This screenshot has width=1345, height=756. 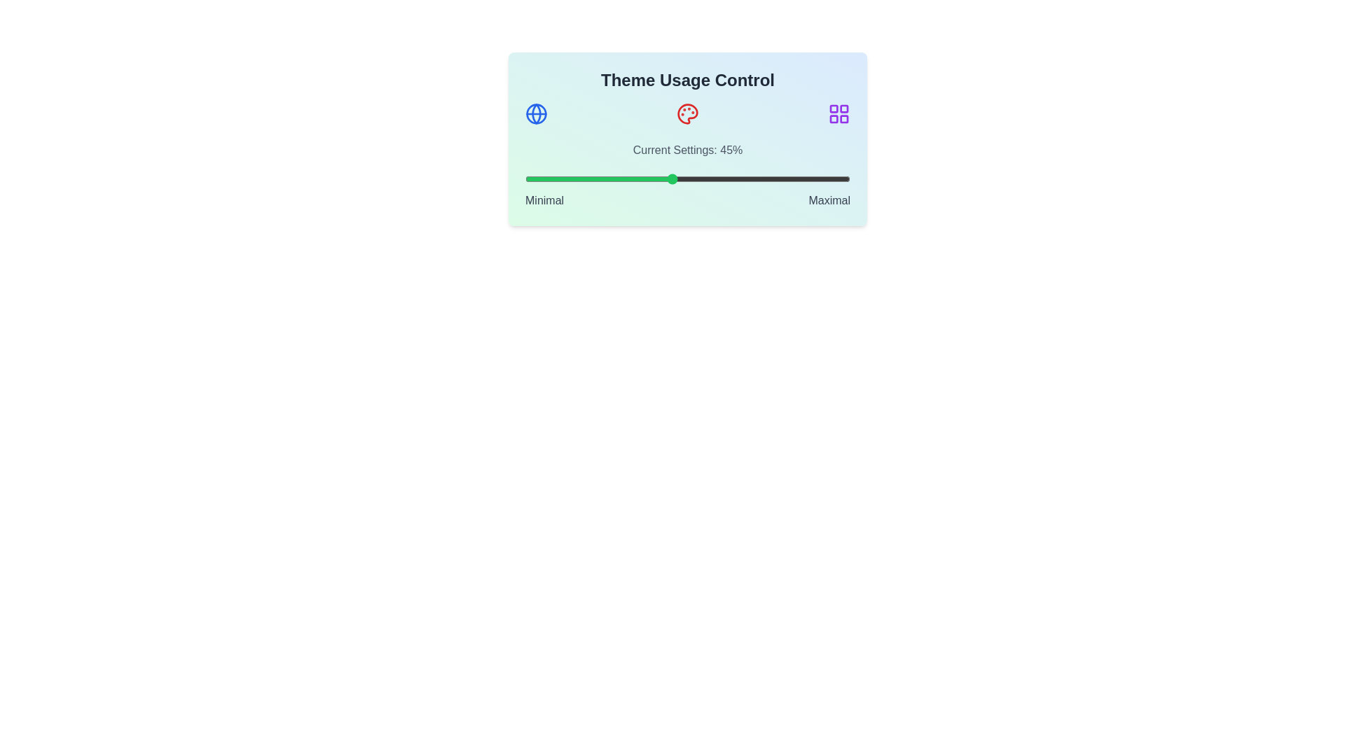 I want to click on the Globe icon, so click(x=536, y=113).